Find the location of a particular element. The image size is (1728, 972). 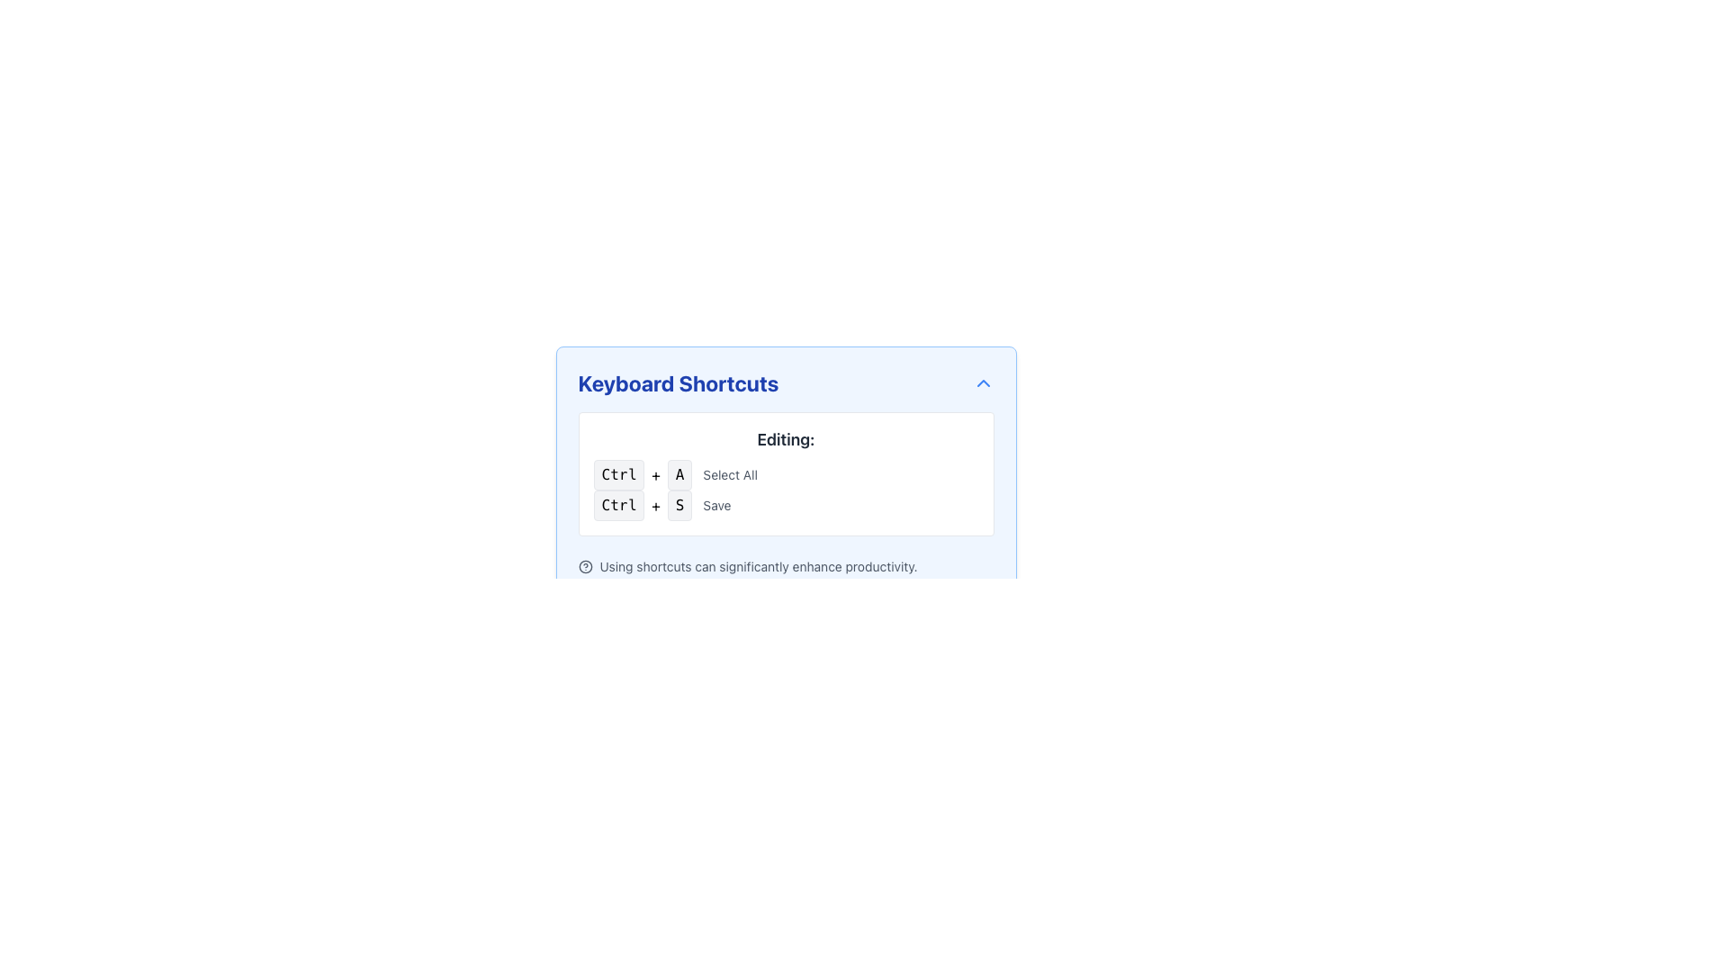

on the help or information icon, which is a circular icon with an outlined border and a question mark in the center, located is located at coordinates (585, 565).